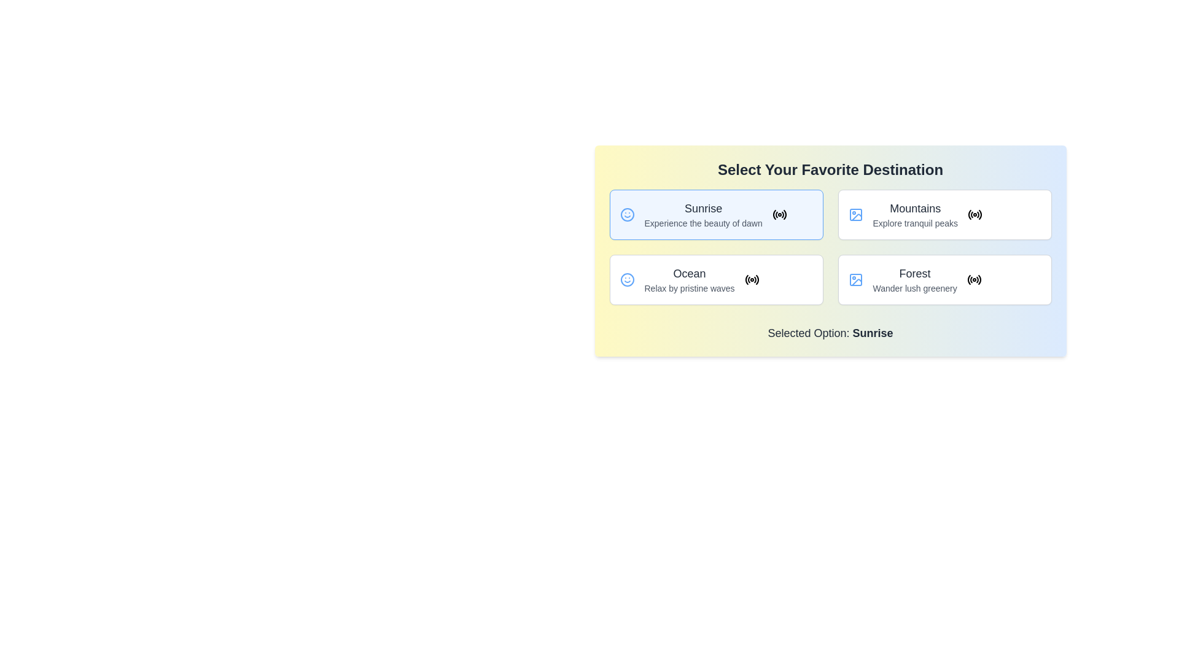  Describe the element at coordinates (779, 214) in the screenshot. I see `the Decorative radio icon, which is a circle with radiating lines, located to the right of the 'Sunrise' option label in the top-left section of the interface` at that location.